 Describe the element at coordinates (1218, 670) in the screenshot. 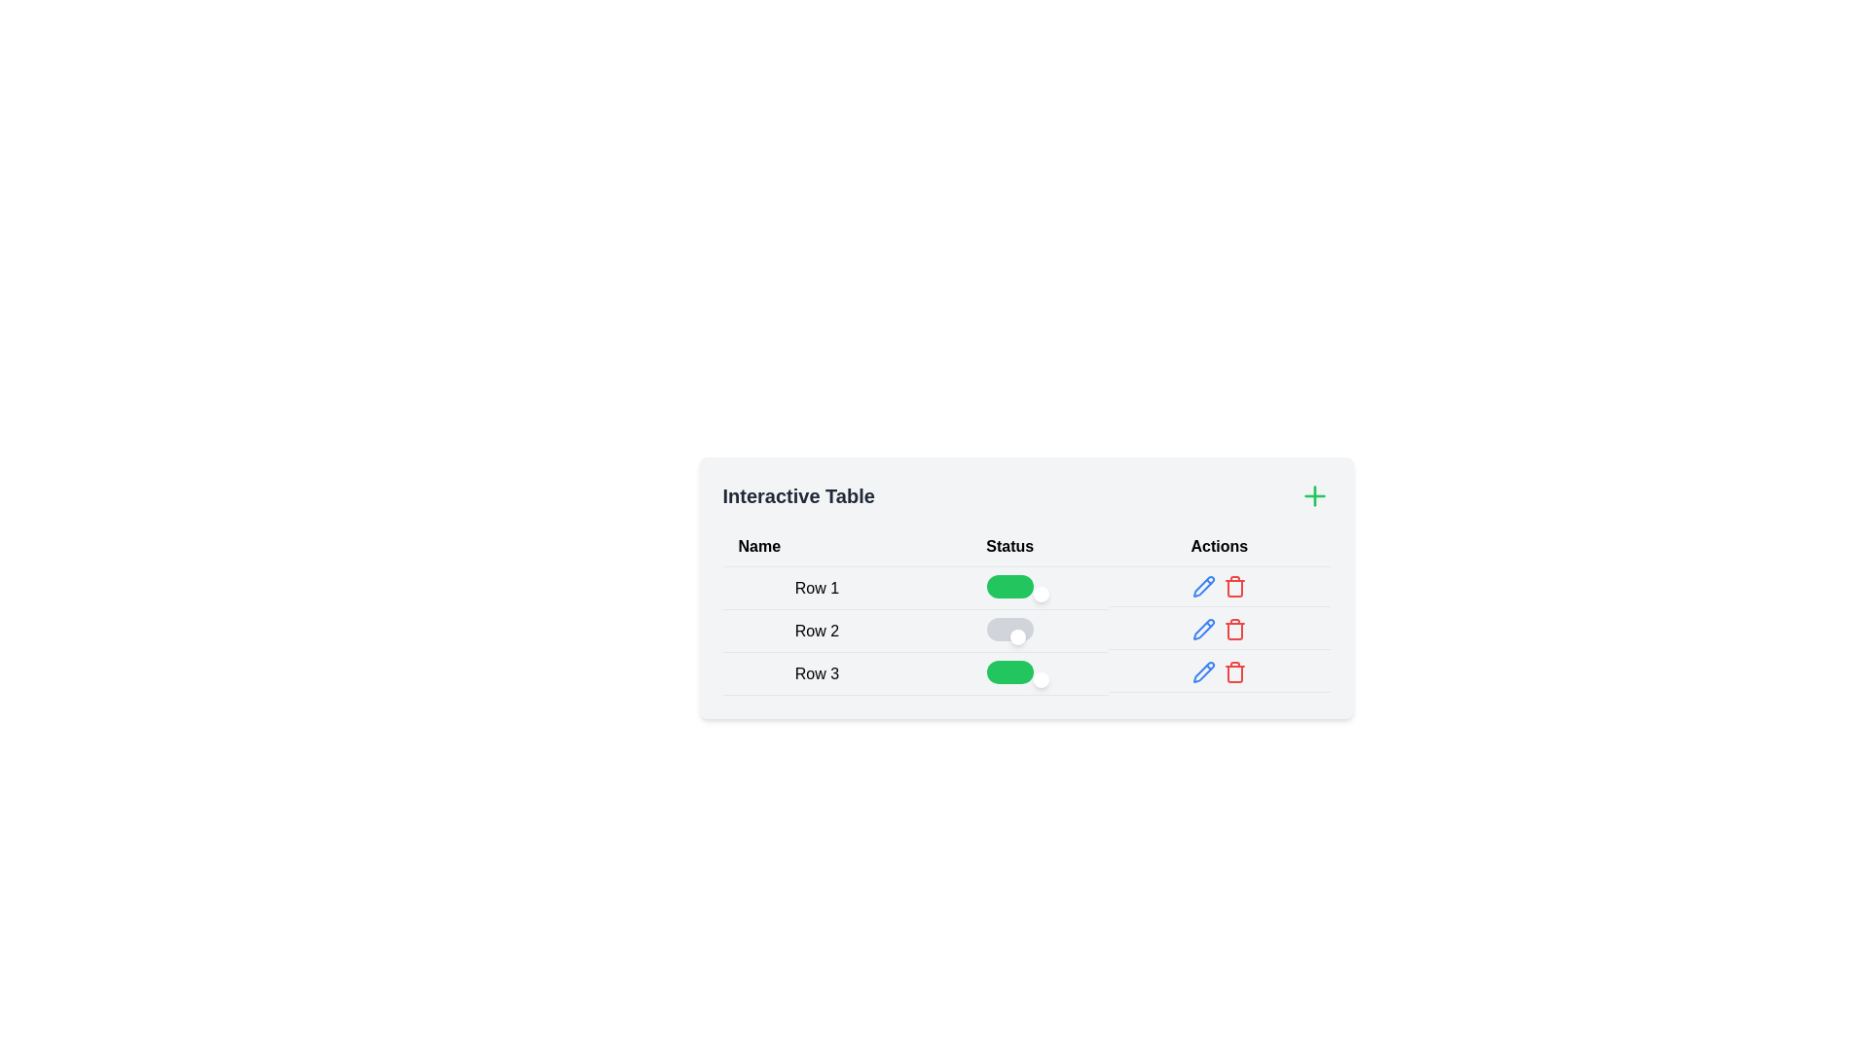

I see `the edit and delete icons located in the 'Actions' column of the third row in the 'Interactive Table'` at that location.